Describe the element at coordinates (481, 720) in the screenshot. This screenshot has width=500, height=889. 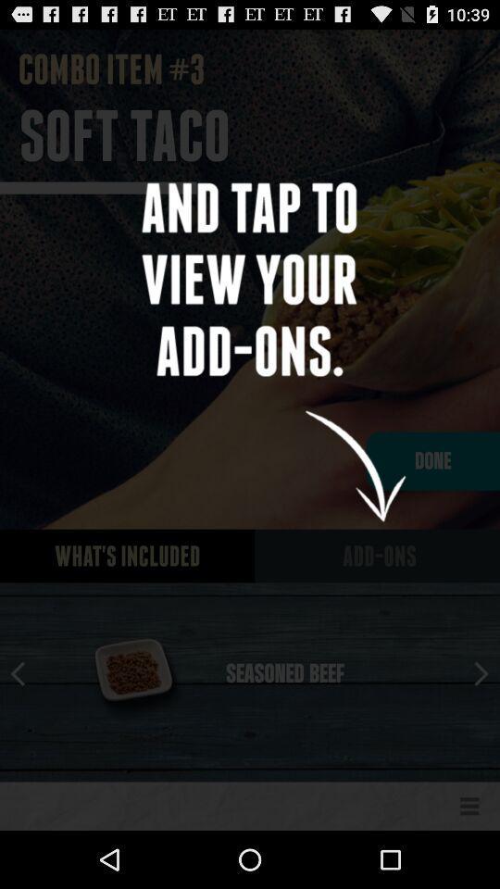
I see `the arrow_forward icon` at that location.